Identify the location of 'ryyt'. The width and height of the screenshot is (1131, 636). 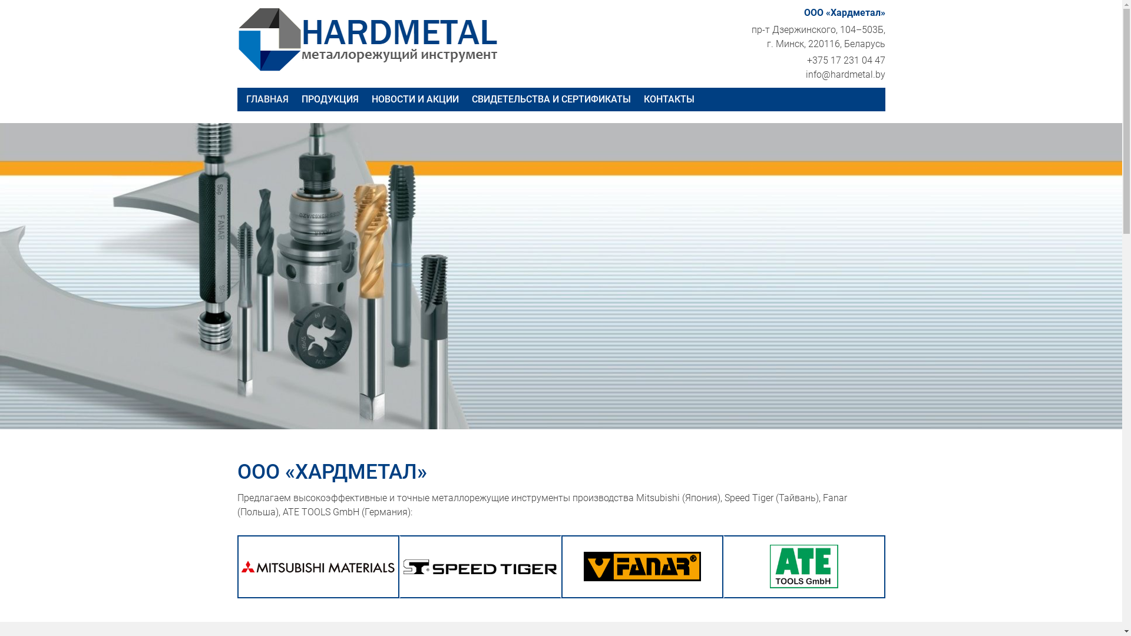
(641, 565).